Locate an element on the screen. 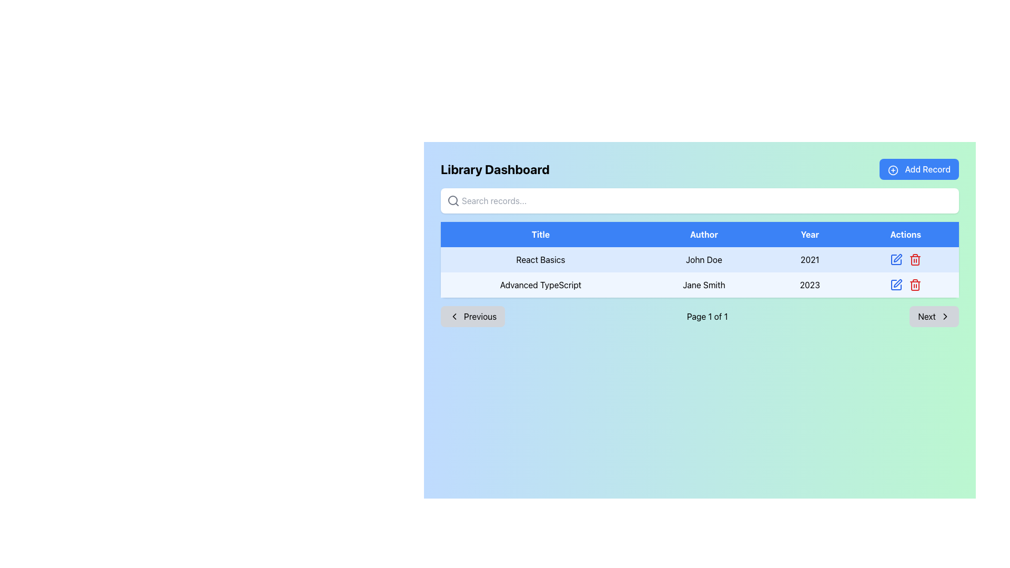 Image resolution: width=1010 pixels, height=568 pixels. the circular graphical element that is part of the search icon located in the top-left area of the user interface is located at coordinates (452, 200).